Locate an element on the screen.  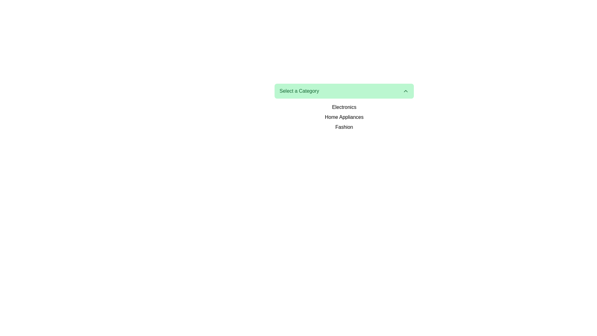
the 'Electronics' dropdown option, which is the first selectable option below the 'Select a Category' header in the dropdown menu is located at coordinates (344, 107).